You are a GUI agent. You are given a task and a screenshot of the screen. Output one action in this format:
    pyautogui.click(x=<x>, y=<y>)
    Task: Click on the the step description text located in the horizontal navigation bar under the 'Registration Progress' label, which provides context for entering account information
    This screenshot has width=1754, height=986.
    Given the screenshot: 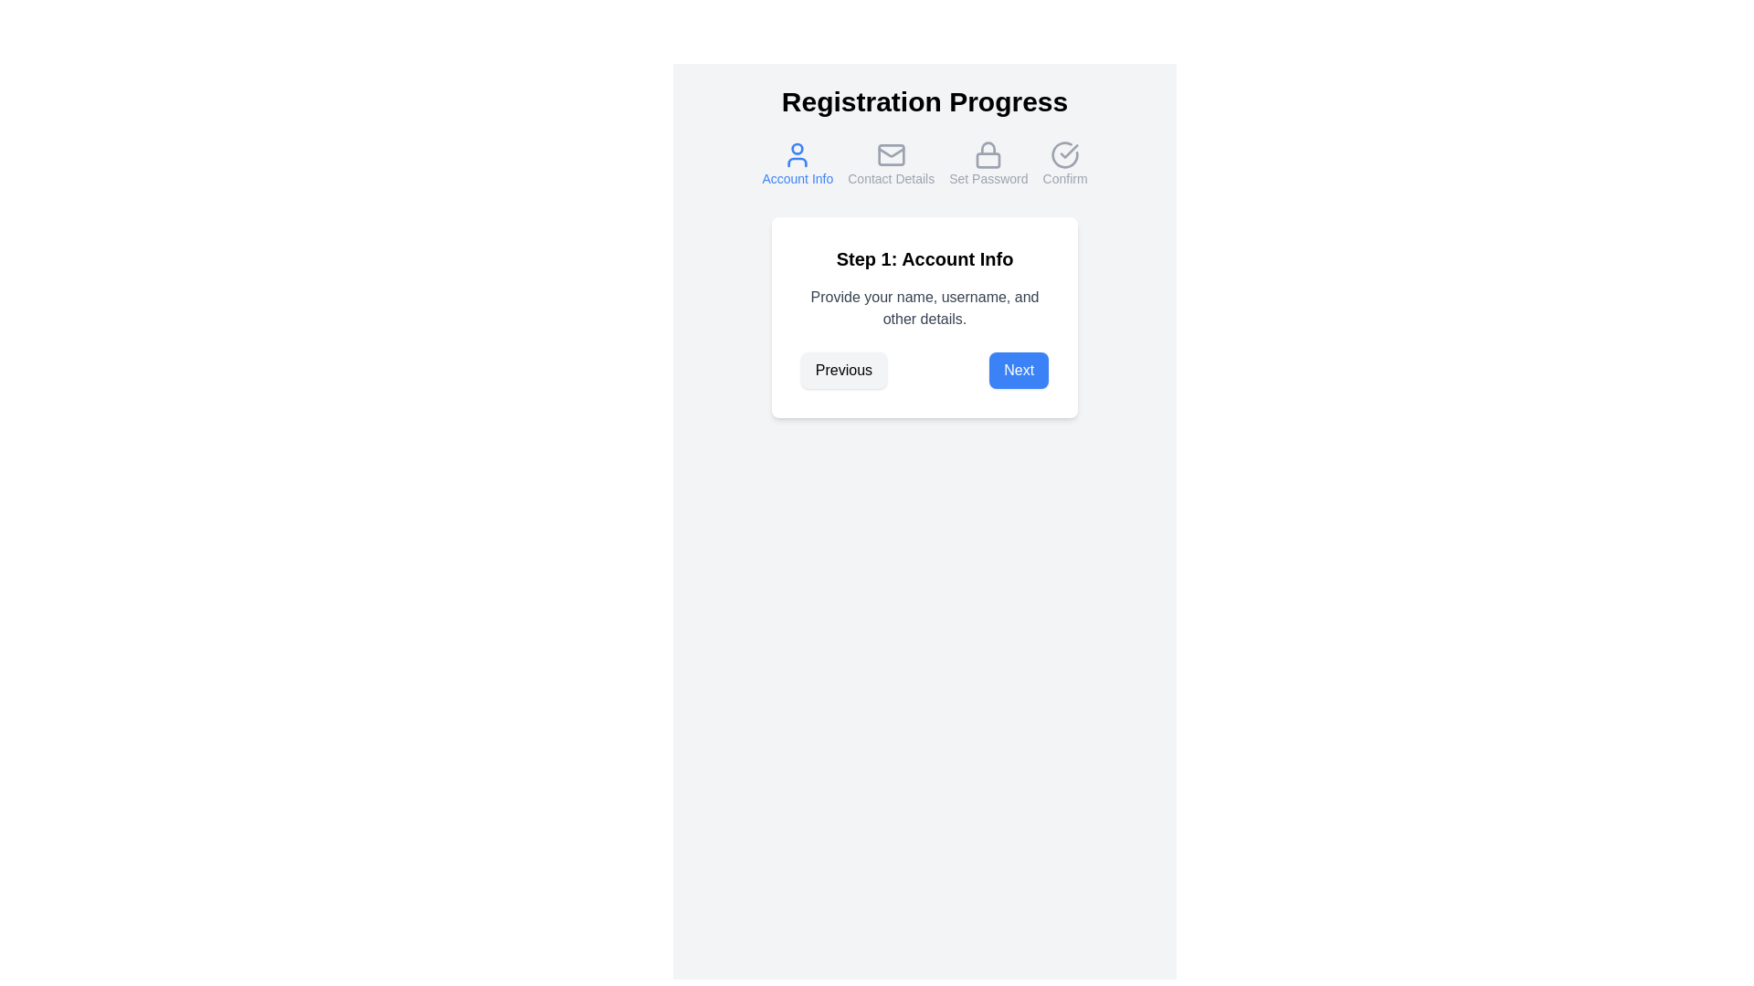 What is the action you would take?
    pyautogui.click(x=798, y=179)
    